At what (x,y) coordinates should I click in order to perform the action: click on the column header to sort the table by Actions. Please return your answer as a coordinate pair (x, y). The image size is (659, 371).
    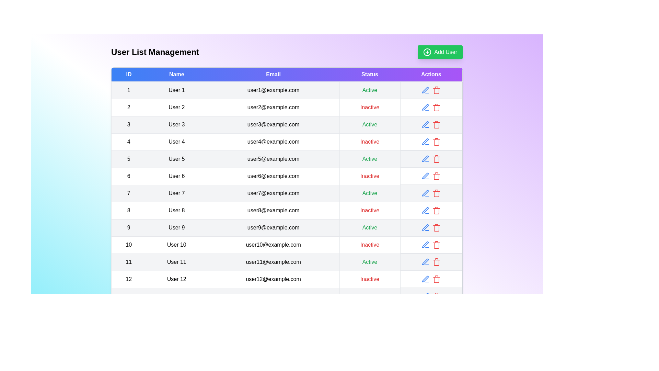
    Looking at the image, I should click on (431, 74).